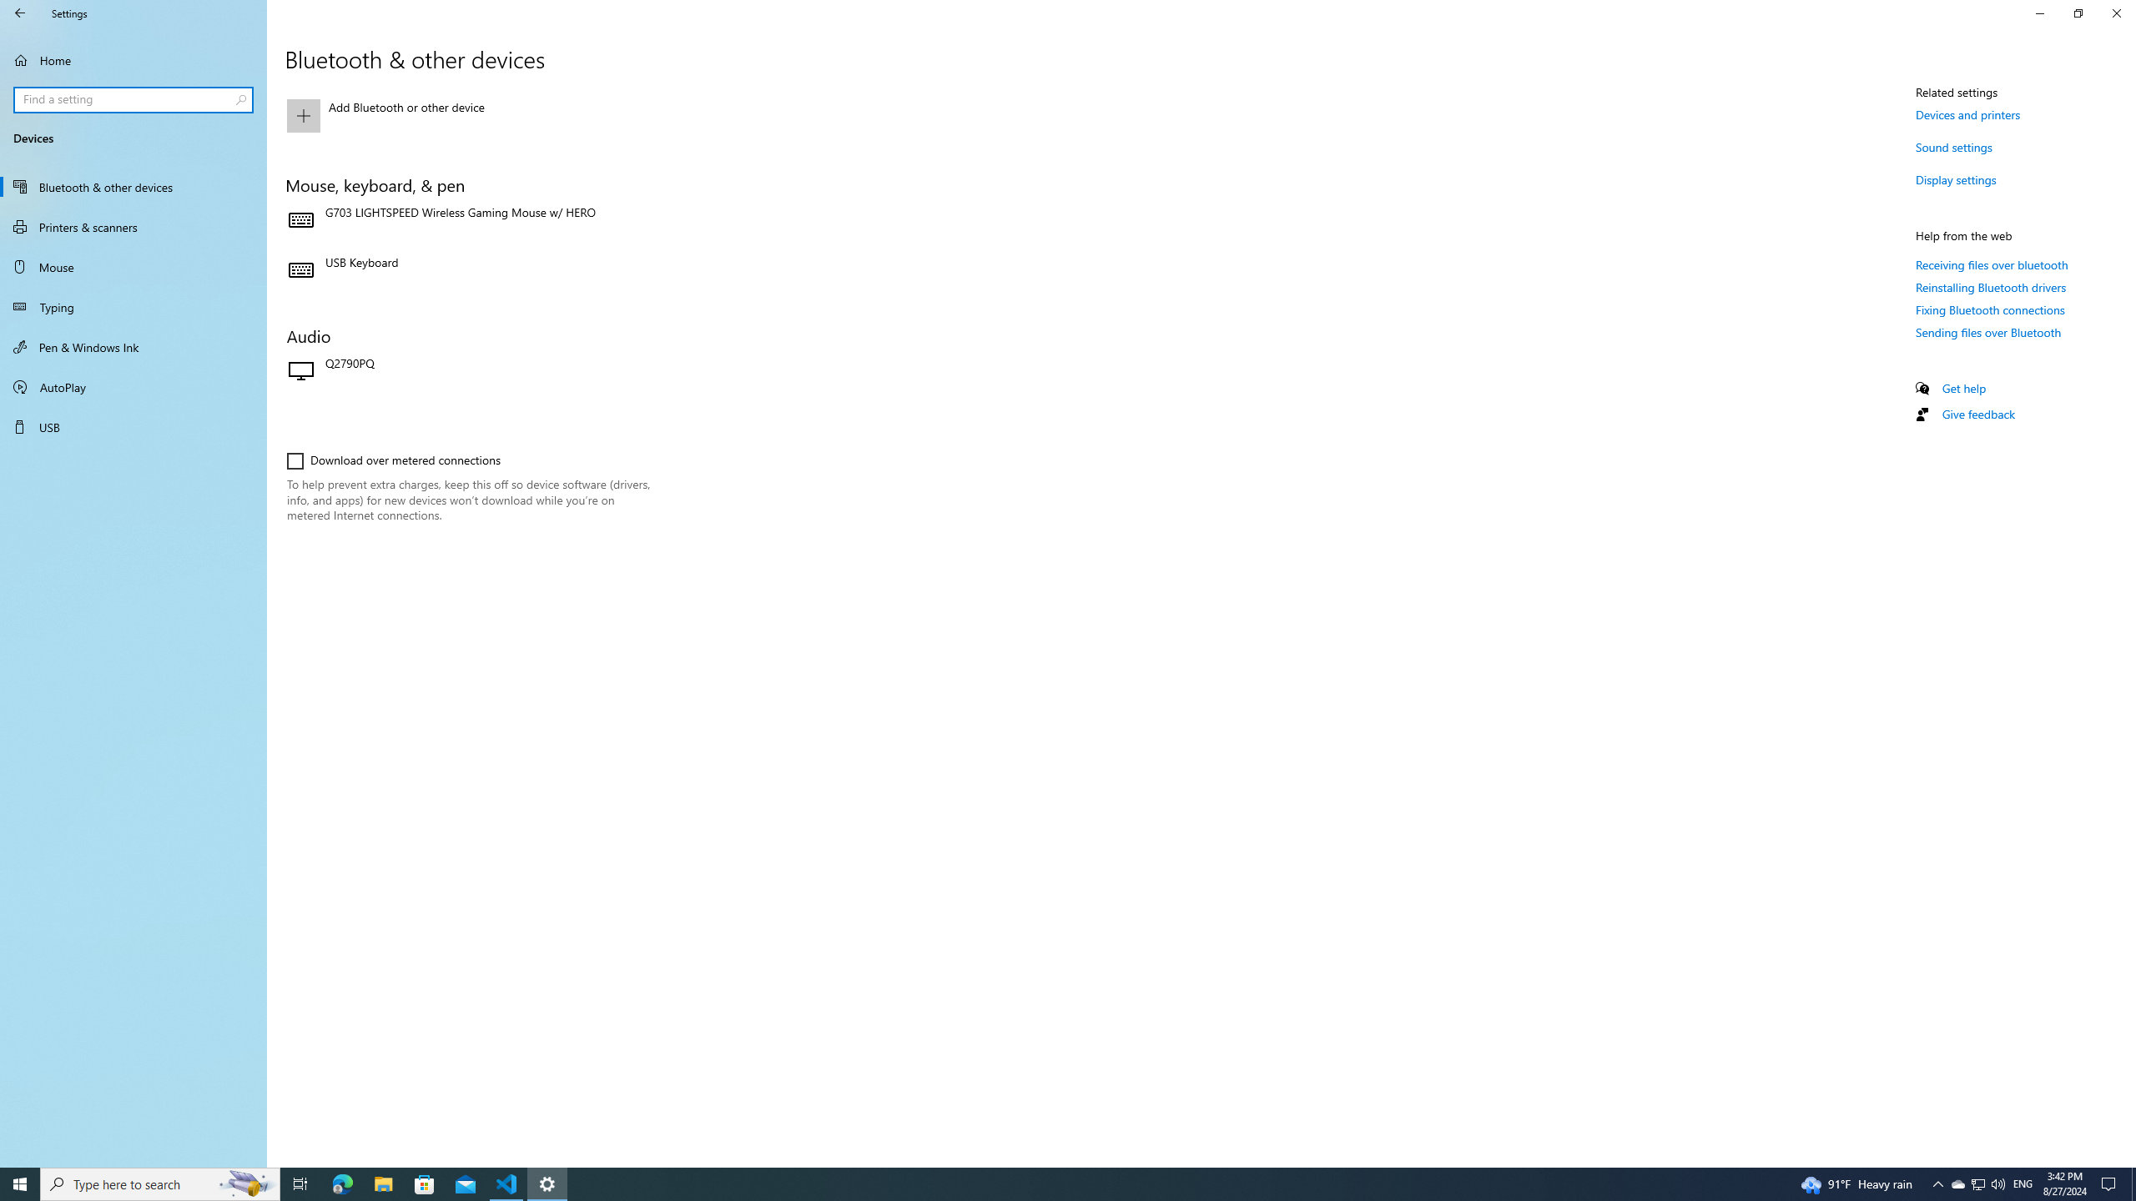  I want to click on 'Tray Input Indicator - English (United States)', so click(2023, 1183).